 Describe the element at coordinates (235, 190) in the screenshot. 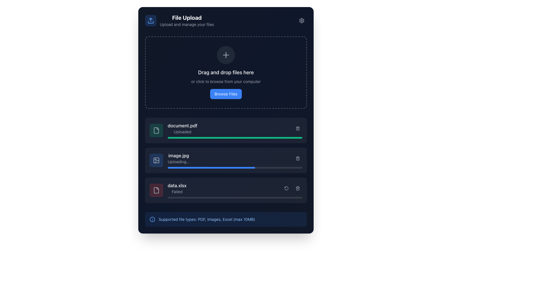

I see `the File upload status indicator showing 'data.xlsx' with status 'Failed'` at that location.